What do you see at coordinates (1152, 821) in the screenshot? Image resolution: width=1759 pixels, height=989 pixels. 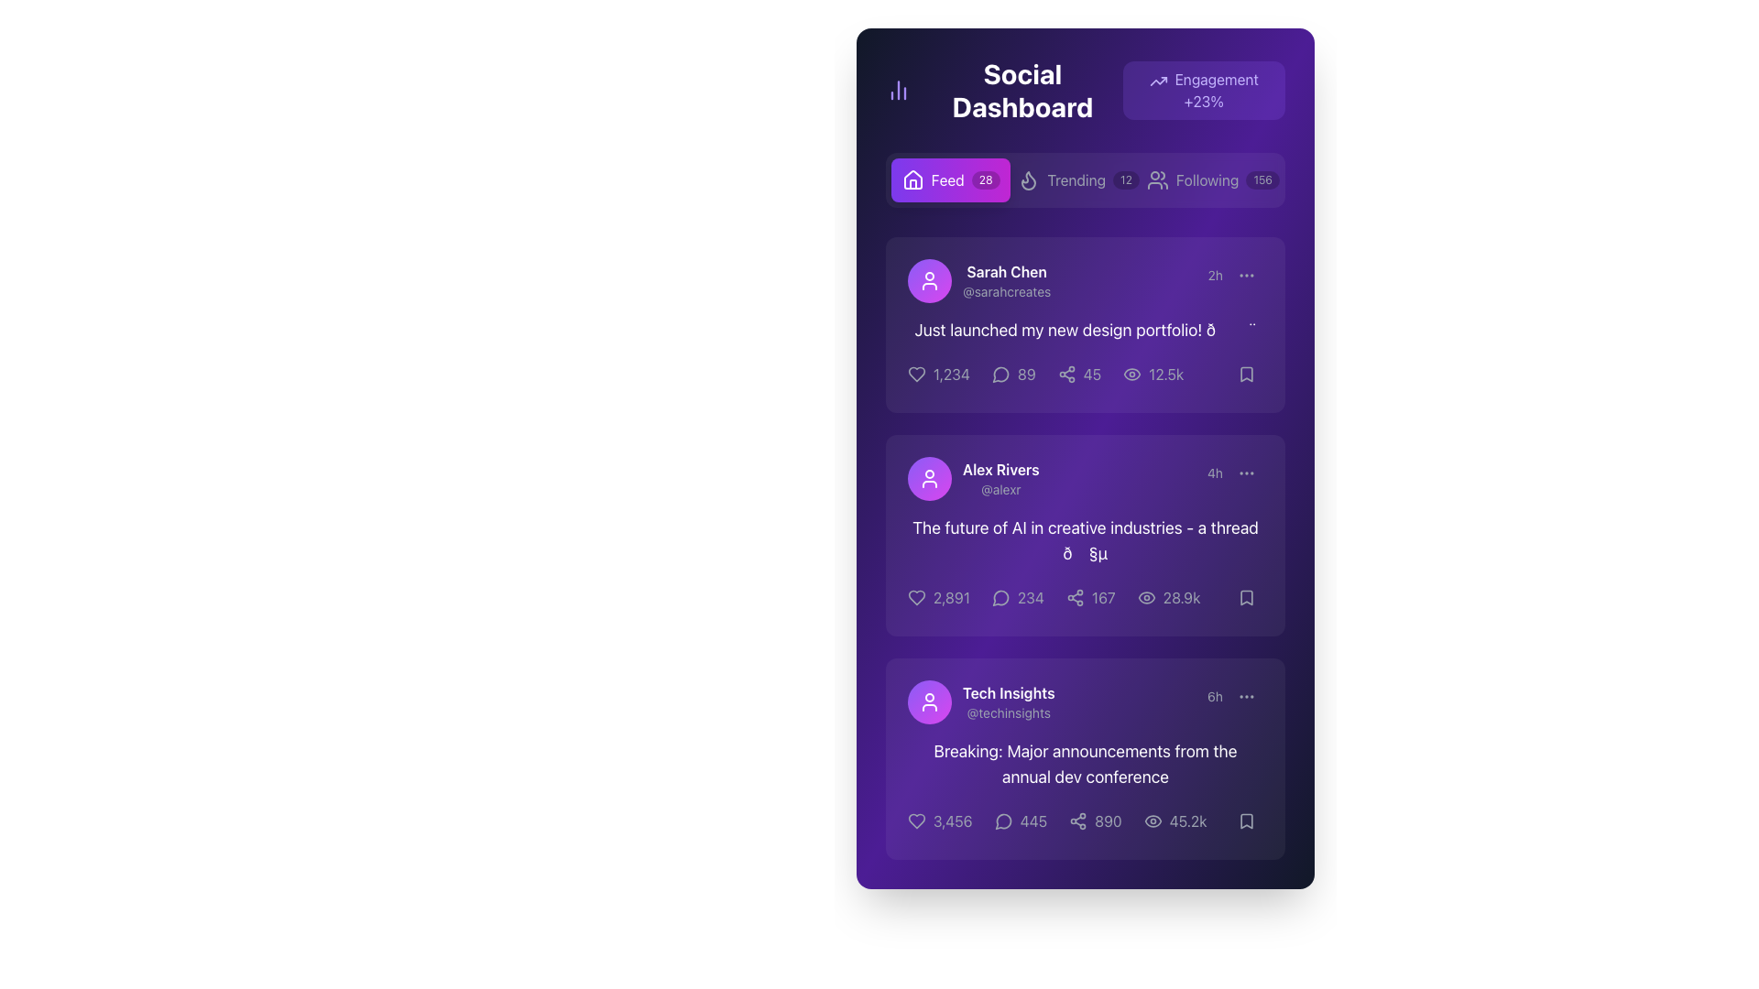 I see `the view count icon located adjacent to the number '45.2k' in the third post card of the feed section` at bounding box center [1152, 821].